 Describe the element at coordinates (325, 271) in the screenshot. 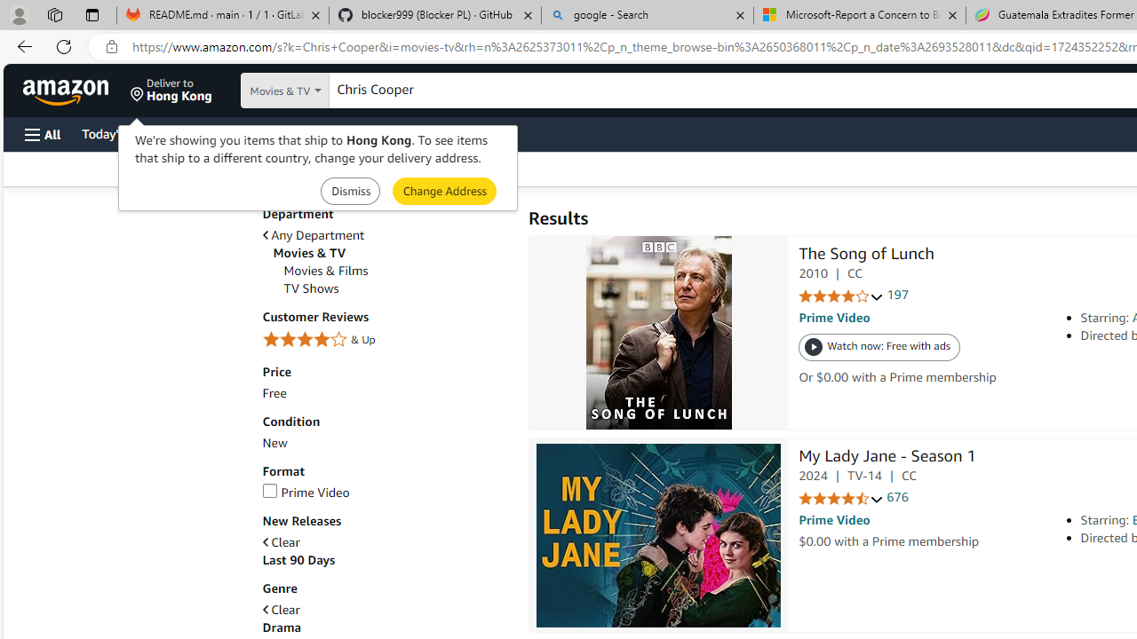

I see `'Movies & Films'` at that location.